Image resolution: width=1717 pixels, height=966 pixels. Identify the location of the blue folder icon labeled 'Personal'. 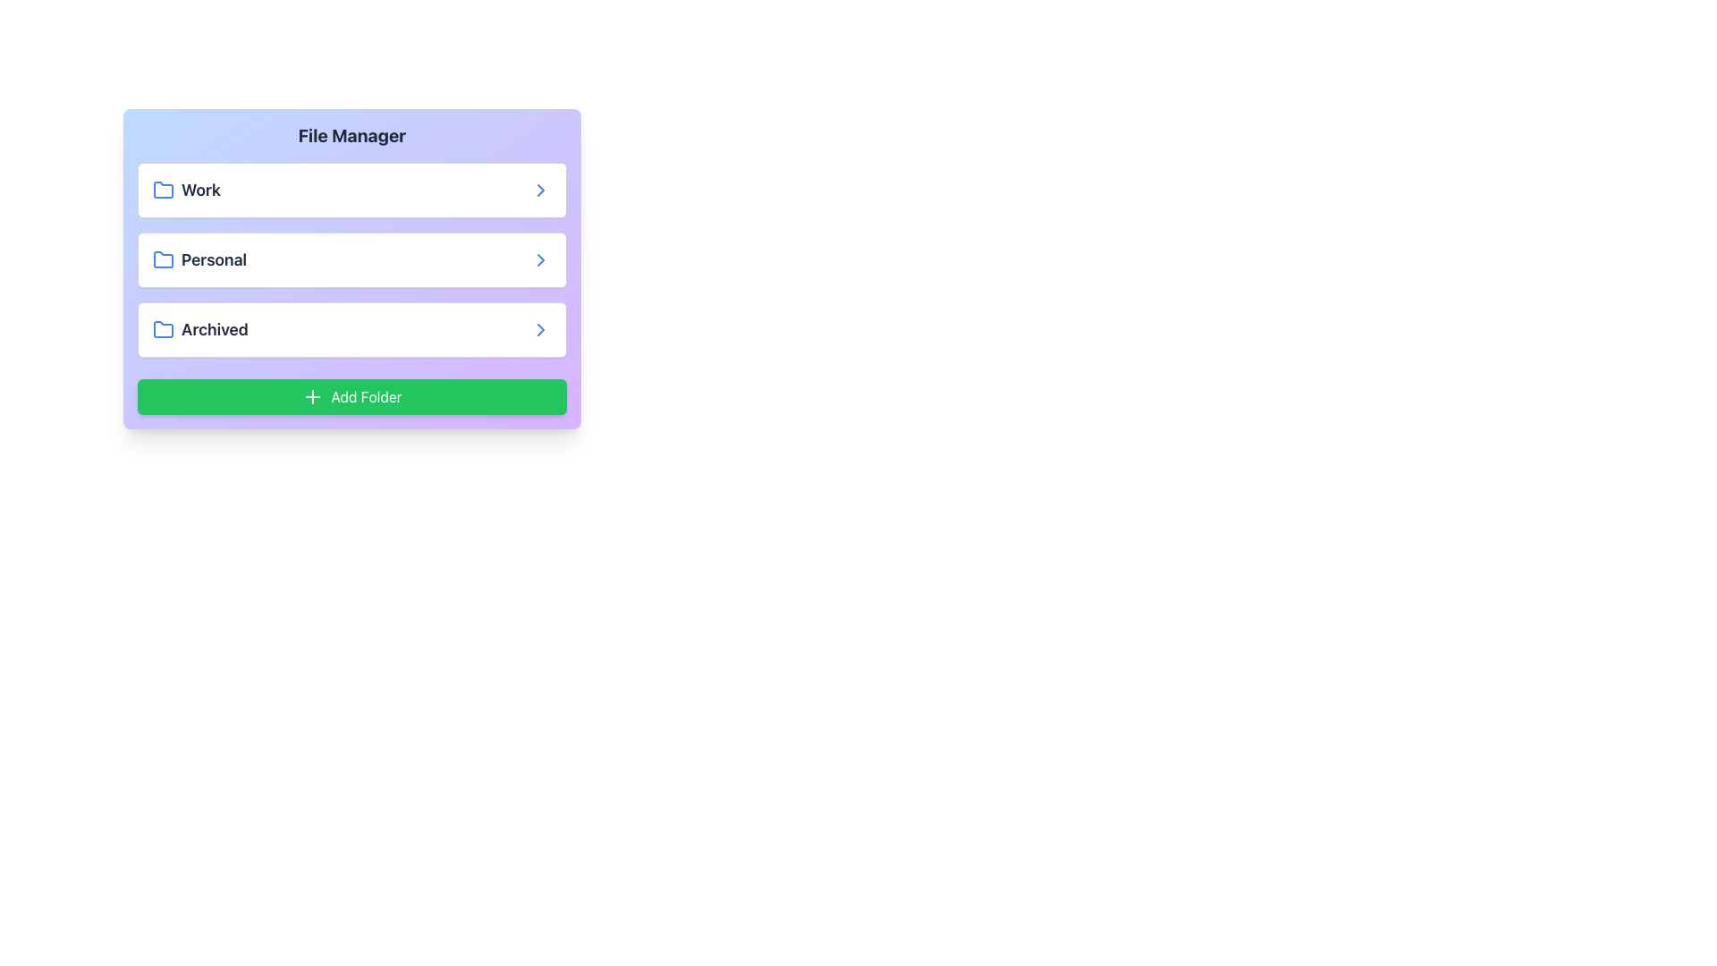
(163, 258).